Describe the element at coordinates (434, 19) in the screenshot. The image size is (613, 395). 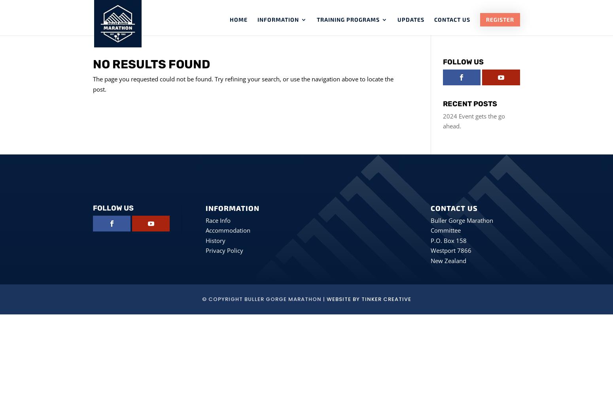
I see `'Contact Us'` at that location.